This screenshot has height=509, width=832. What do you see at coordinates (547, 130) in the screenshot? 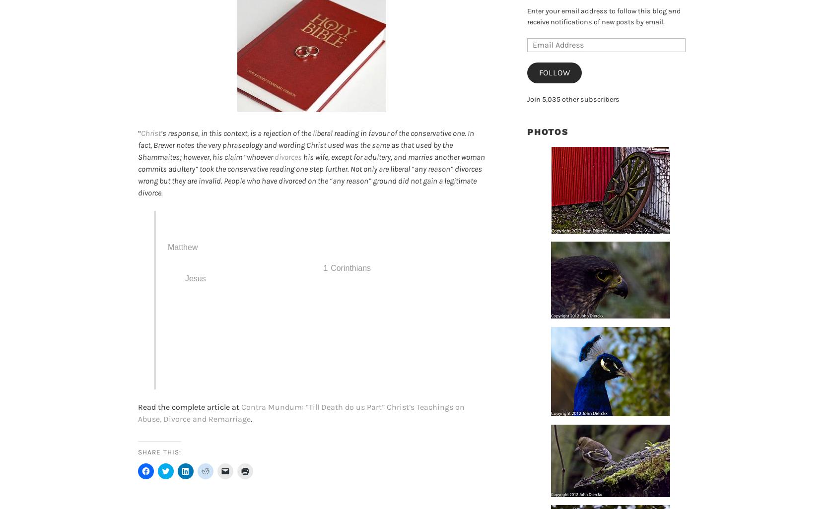
I see `'Photos'` at bounding box center [547, 130].